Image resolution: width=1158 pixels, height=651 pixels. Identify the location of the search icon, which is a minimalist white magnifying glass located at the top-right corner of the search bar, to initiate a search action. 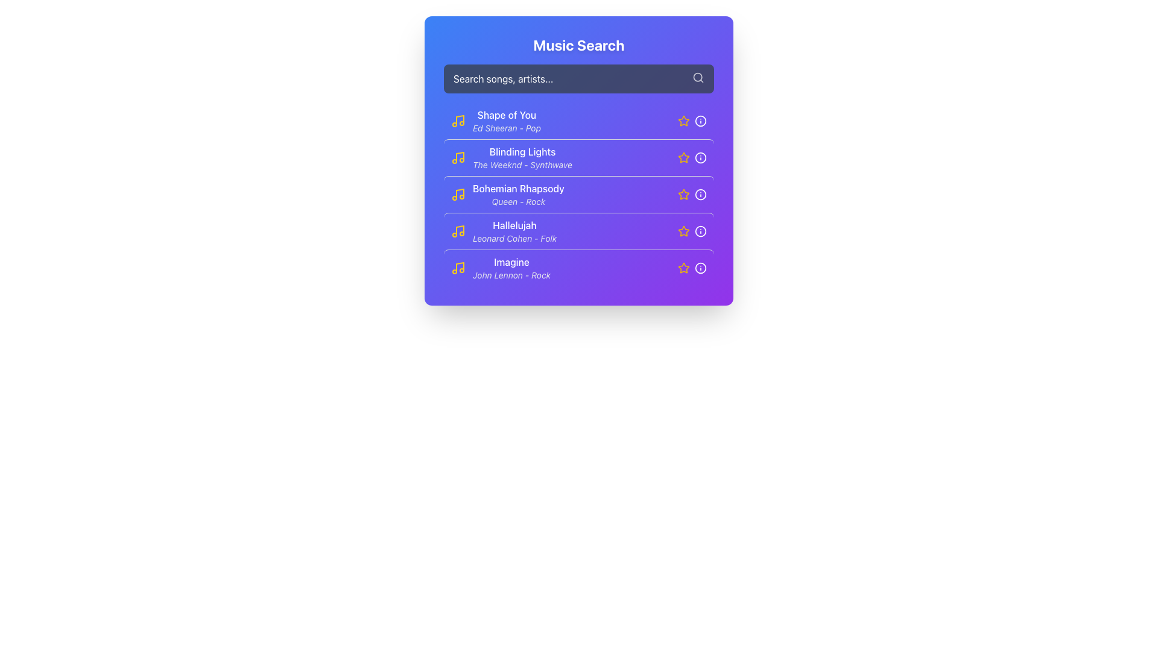
(698, 77).